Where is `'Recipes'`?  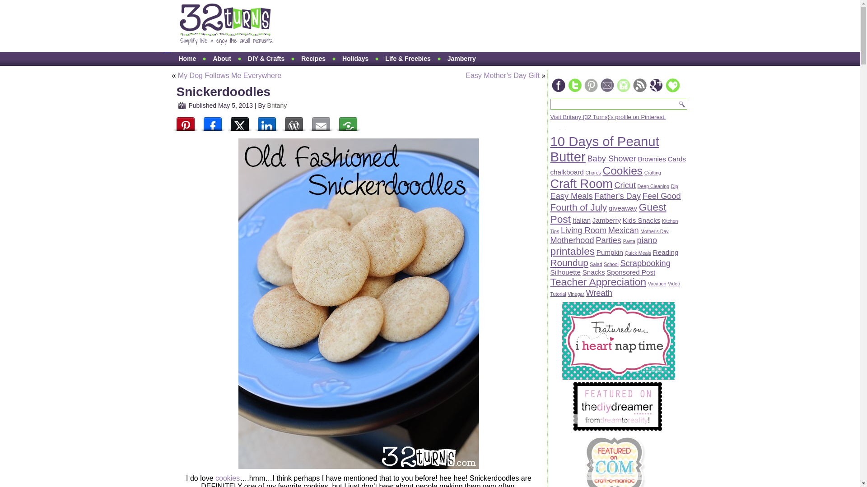 'Recipes' is located at coordinates (313, 59).